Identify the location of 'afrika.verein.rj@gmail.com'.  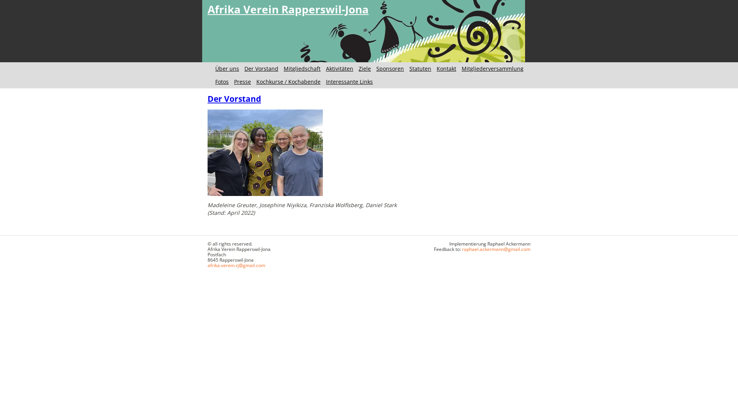
(236, 265).